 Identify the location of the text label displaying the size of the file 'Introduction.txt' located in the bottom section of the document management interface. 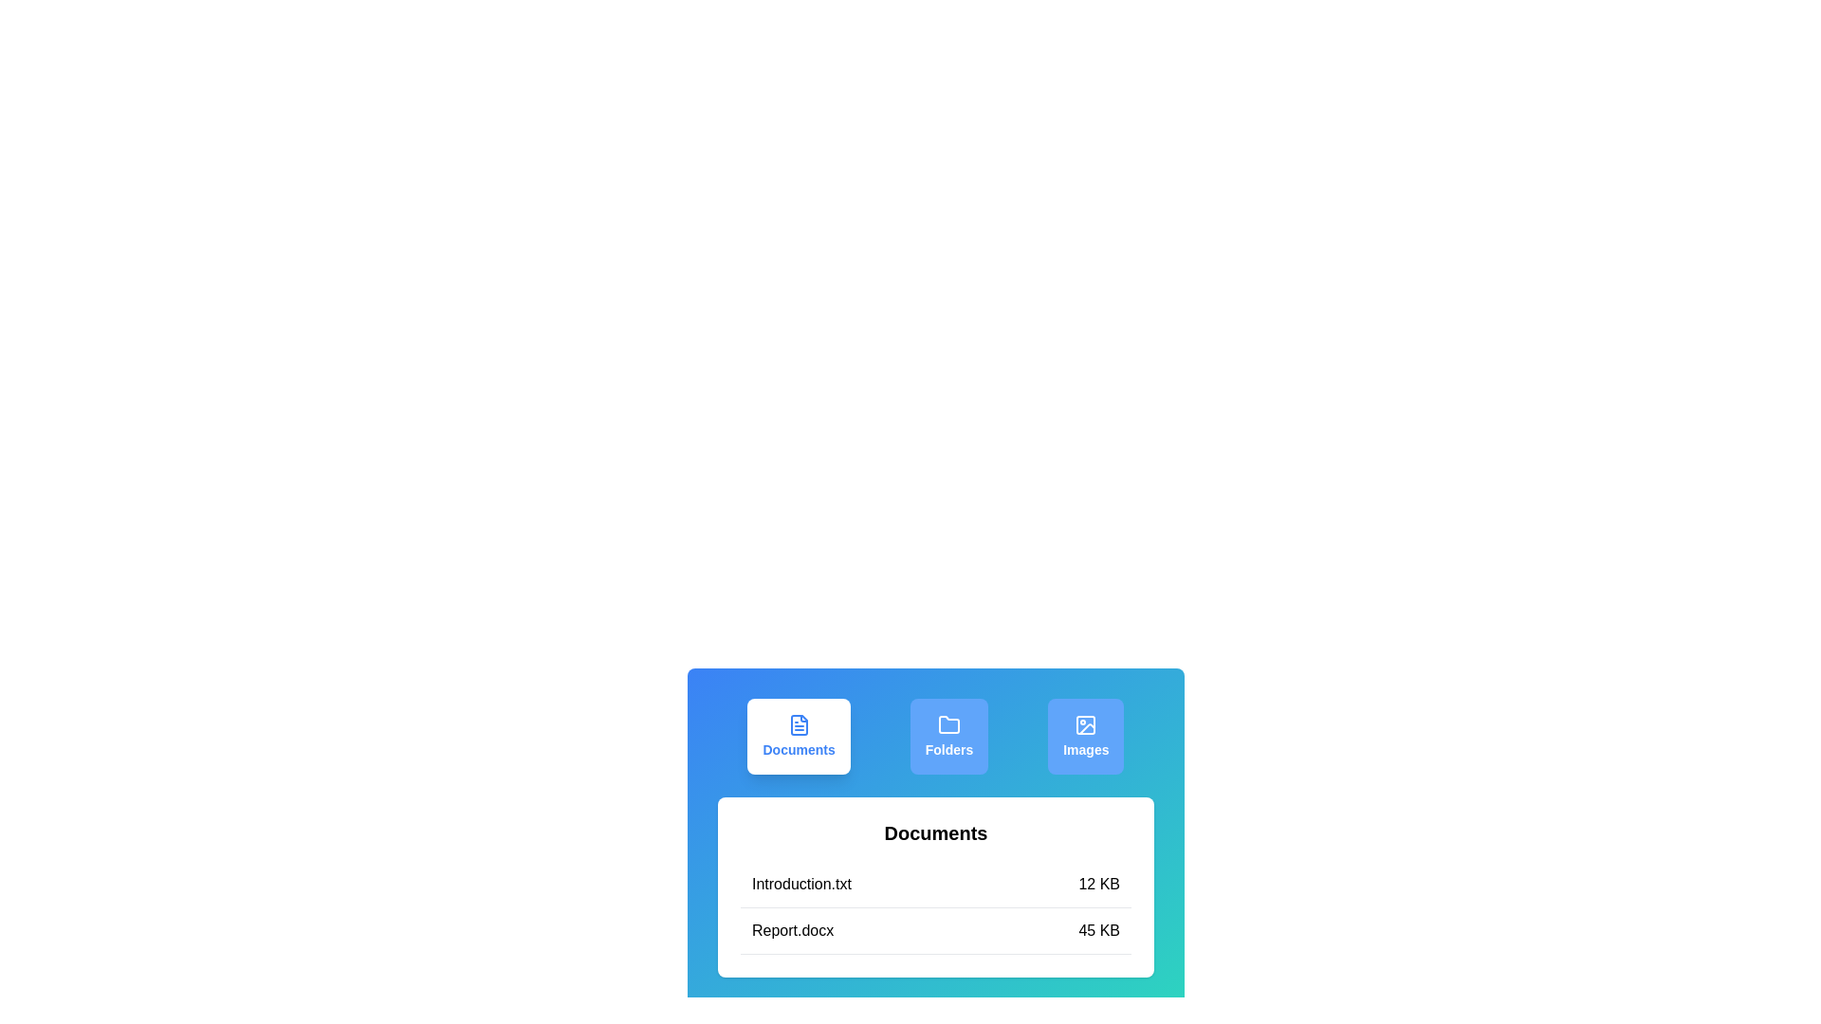
(1099, 885).